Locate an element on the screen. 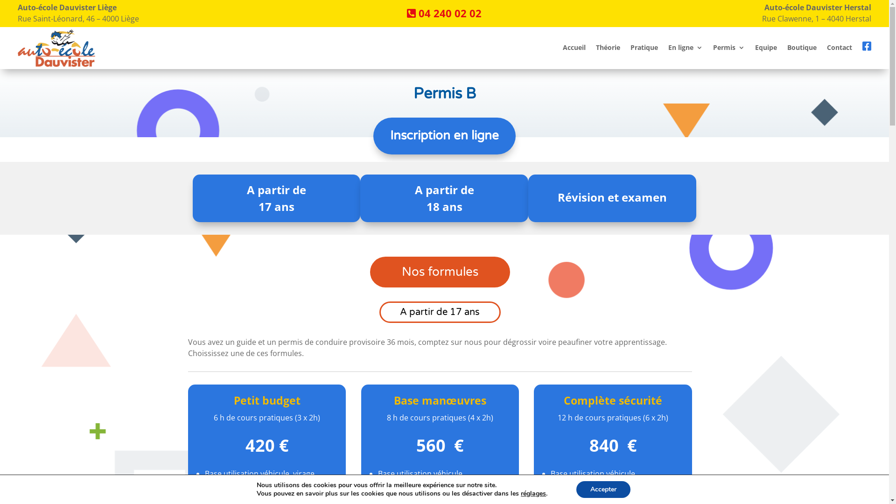 This screenshot has width=896, height=504. 'Equipe' is located at coordinates (755, 49).